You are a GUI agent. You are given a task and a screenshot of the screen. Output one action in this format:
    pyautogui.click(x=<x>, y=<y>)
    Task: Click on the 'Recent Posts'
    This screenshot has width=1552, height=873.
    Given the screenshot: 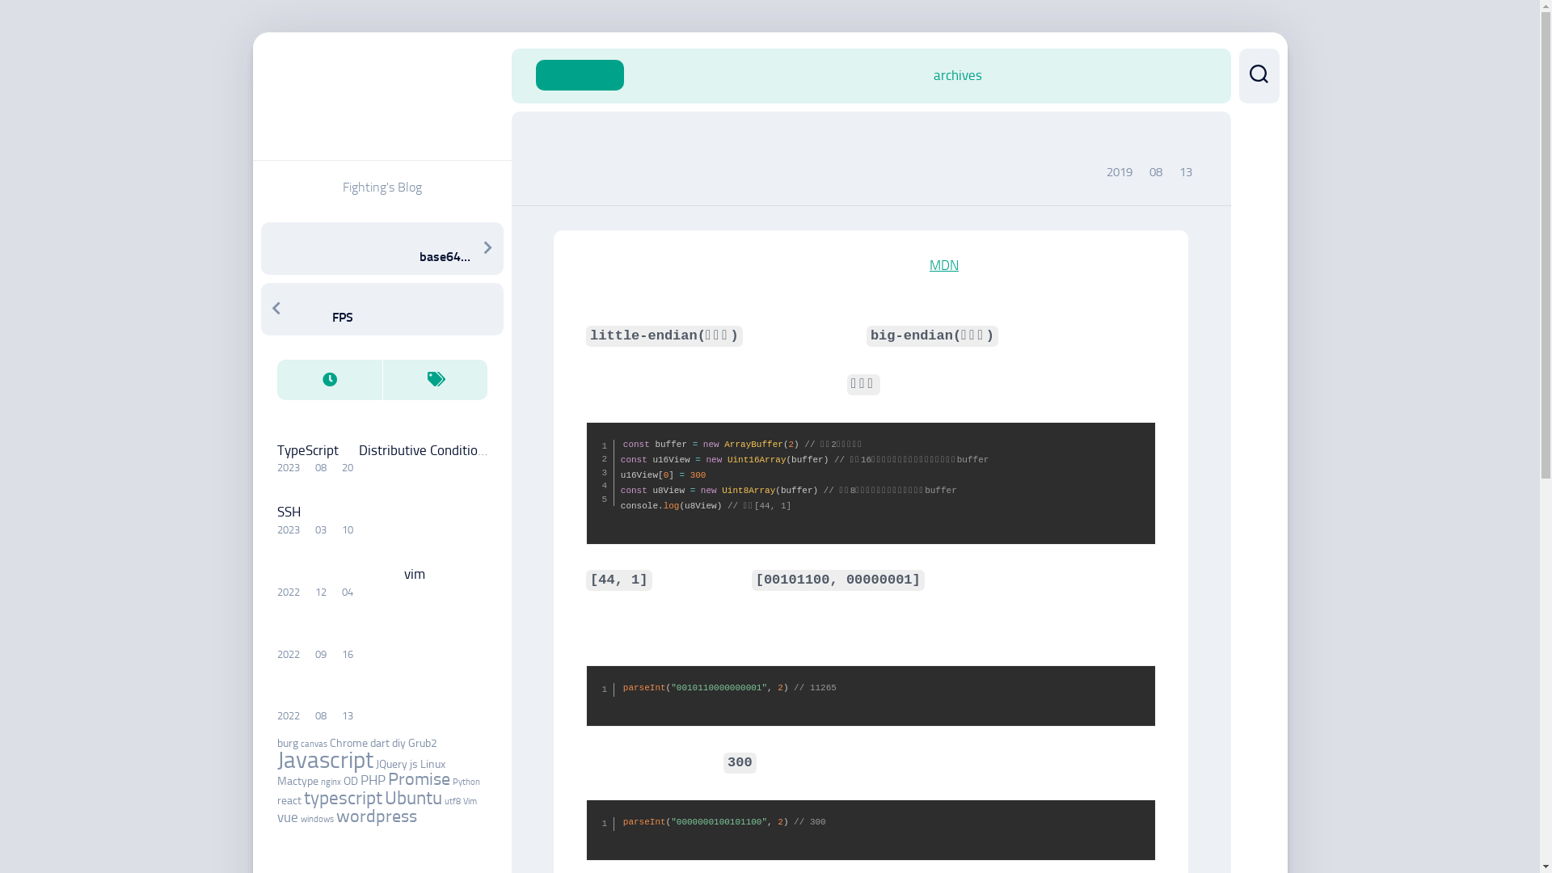 What is the action you would take?
    pyautogui.click(x=276, y=380)
    